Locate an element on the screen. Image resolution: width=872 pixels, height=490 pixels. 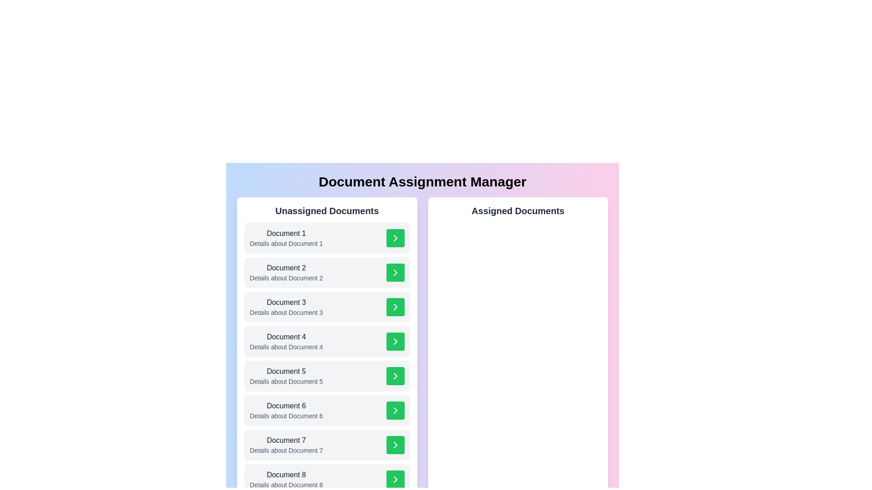
the document element titled 'Document 2' is located at coordinates (327, 272).